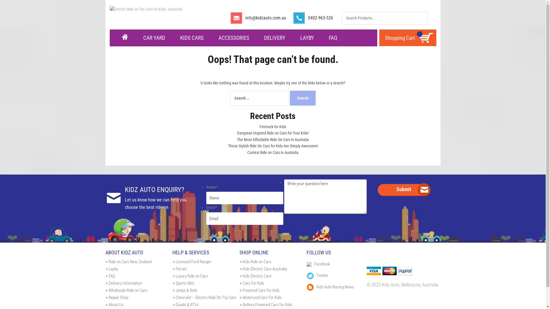 The height and width of the screenshot is (309, 550). Describe the element at coordinates (108, 262) in the screenshot. I see `'Ride on Cars New Zealand'` at that location.